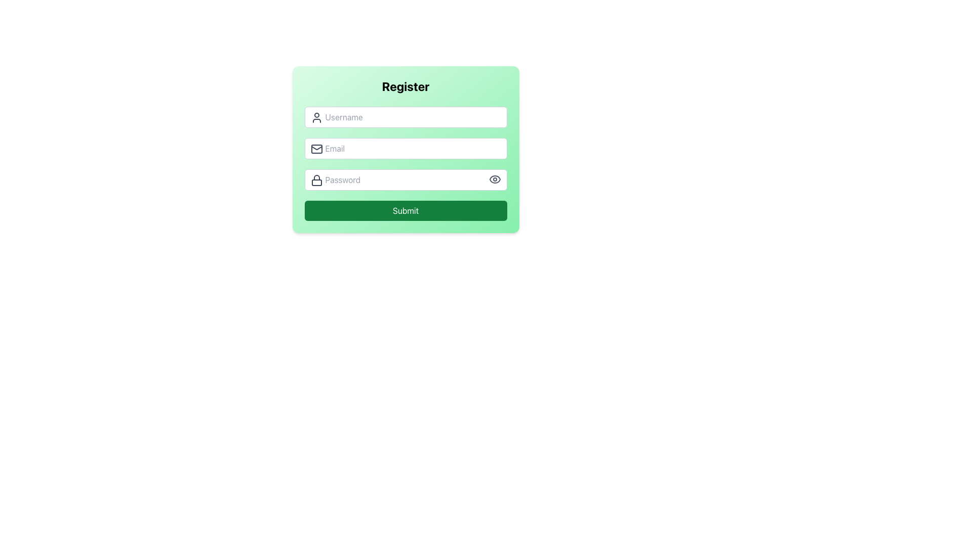  What do you see at coordinates (316, 149) in the screenshot?
I see `the main rectangular body of the envelope icon, which is part of the SVG graphic in the registration form, located to the left of the 'Email' input field` at bounding box center [316, 149].